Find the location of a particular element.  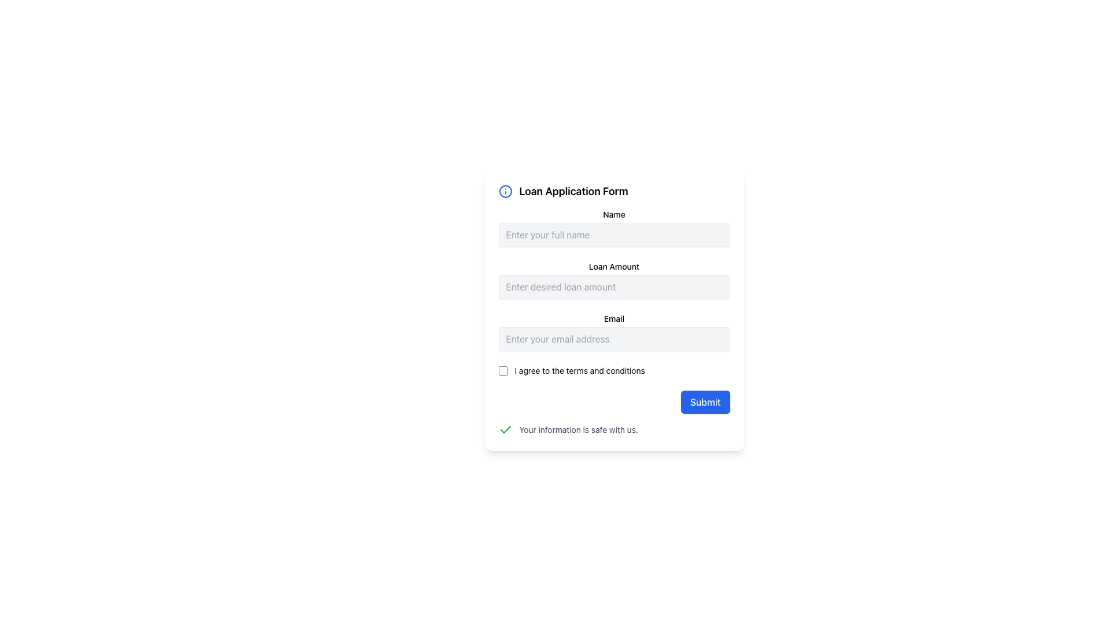

the email input field located below the 'Loan Amount' input and above the 'Terms and Conditions' checkbox is located at coordinates (613, 332).